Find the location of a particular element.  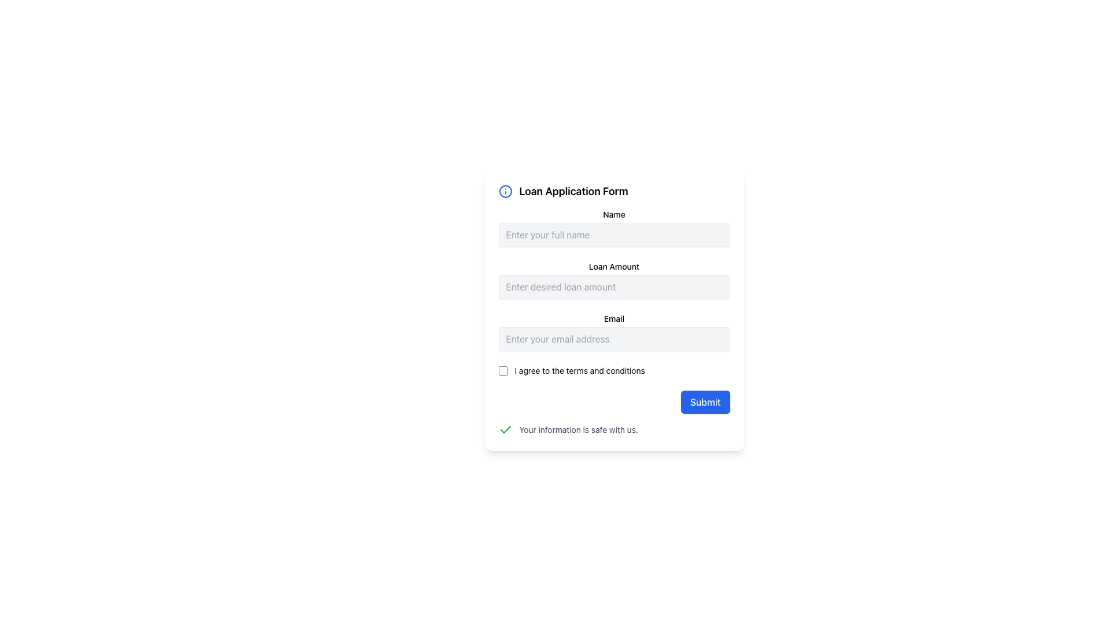

the email input field located below the 'Loan Amount' input and above the 'Terms and Conditions' checkbox is located at coordinates (613, 332).